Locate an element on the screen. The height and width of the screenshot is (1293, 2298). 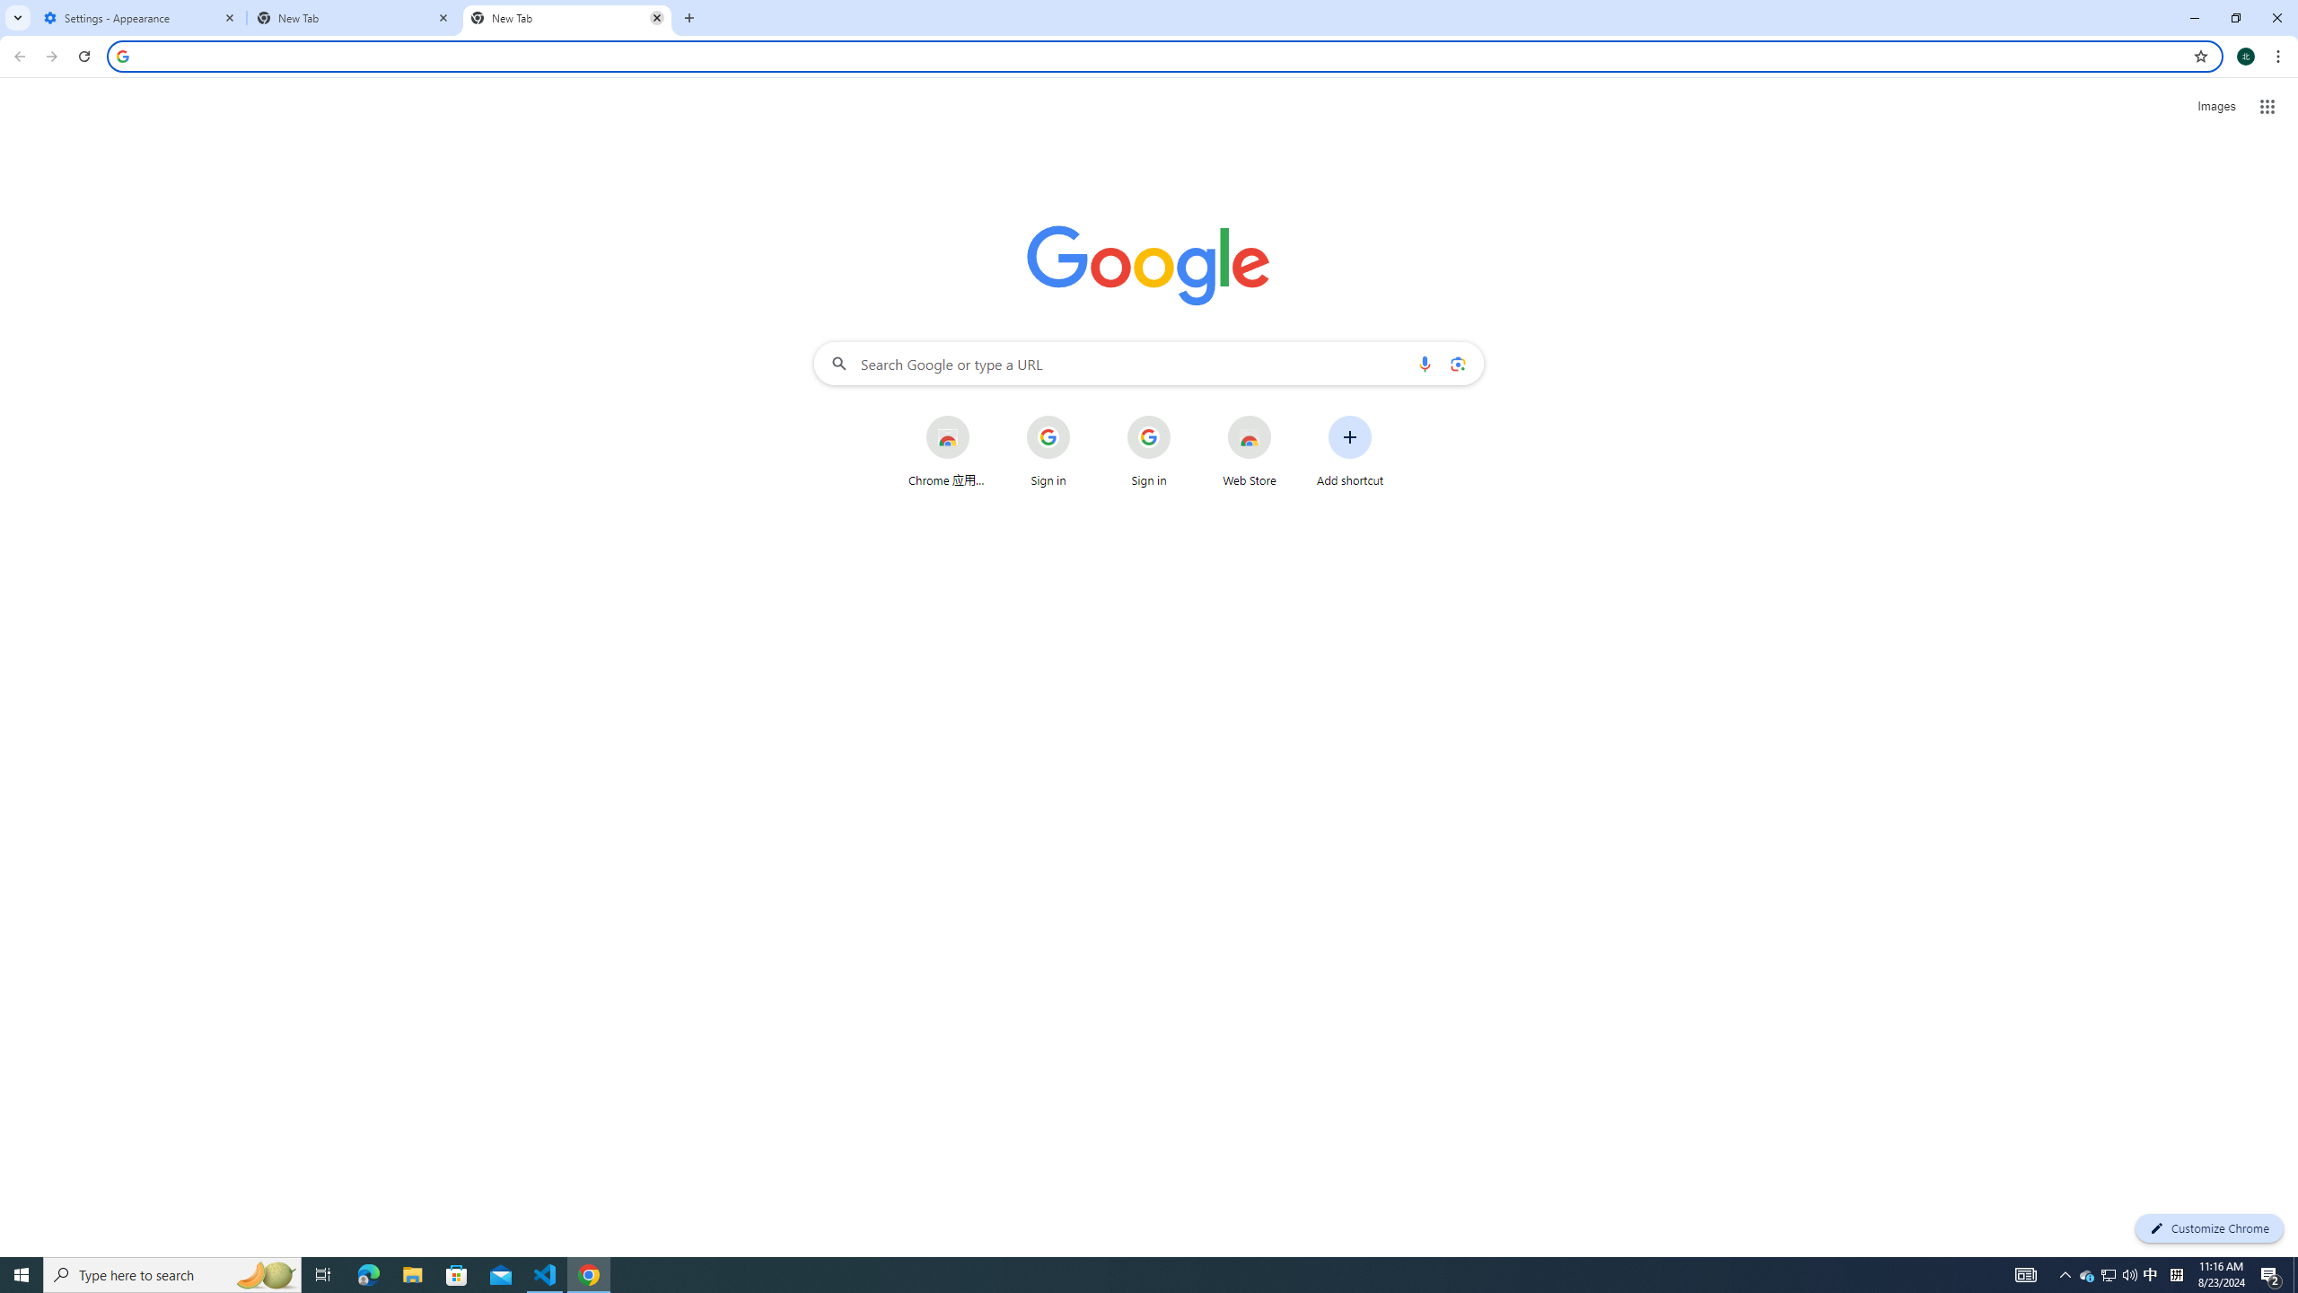
'Search Google or type a URL' is located at coordinates (1149, 364).